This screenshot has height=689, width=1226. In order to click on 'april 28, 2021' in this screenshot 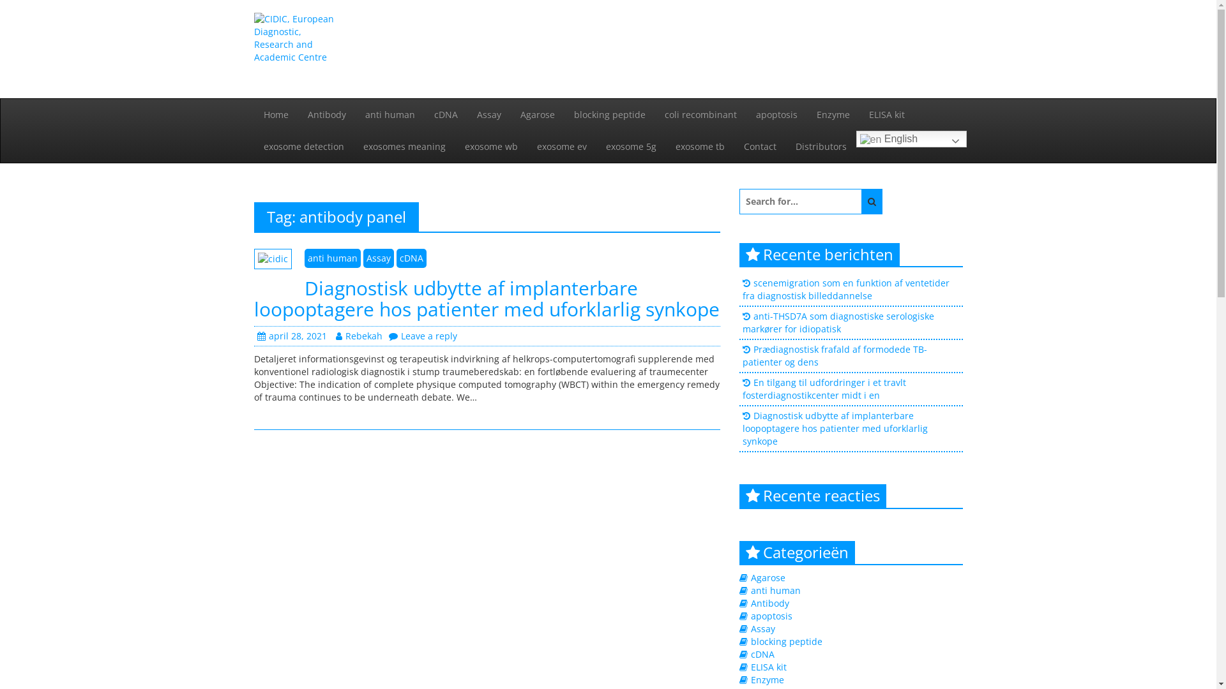, I will do `click(256, 335)`.